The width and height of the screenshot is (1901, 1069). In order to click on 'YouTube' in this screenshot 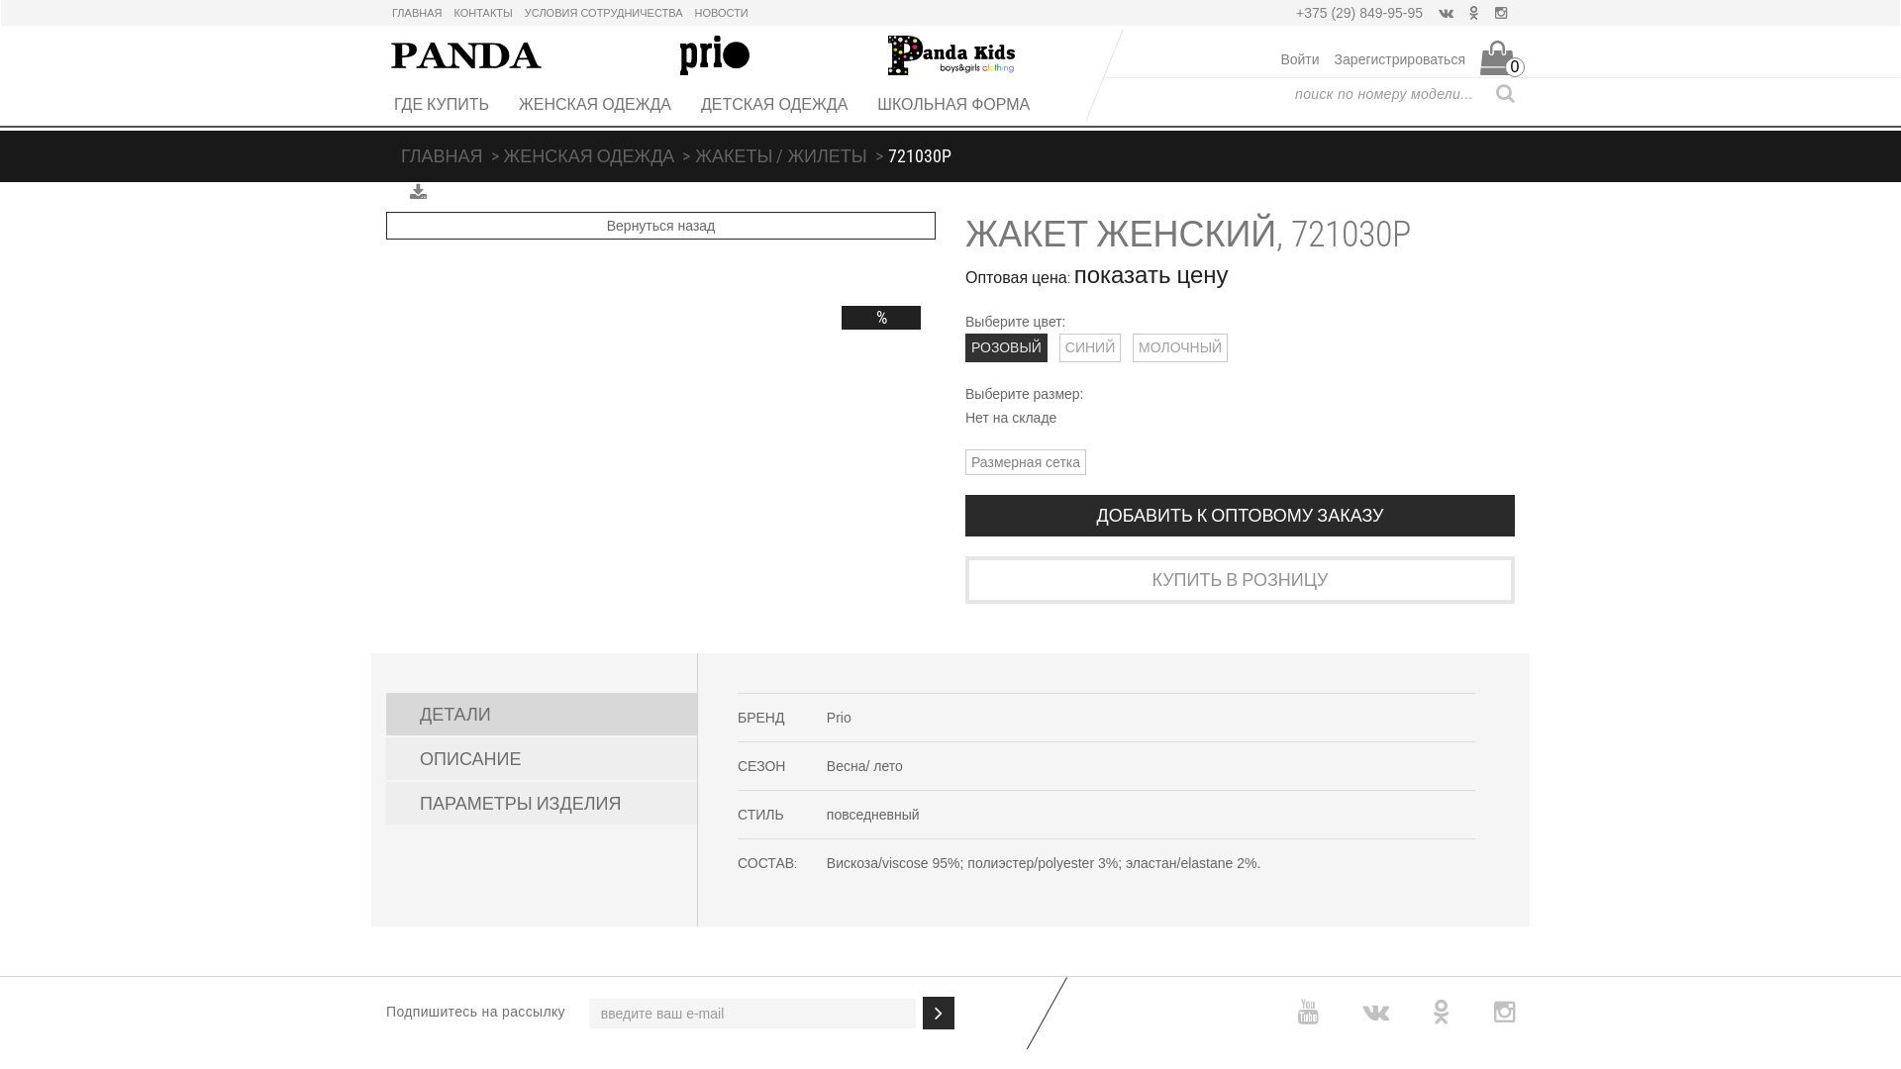, I will do `click(1308, 1012)`.